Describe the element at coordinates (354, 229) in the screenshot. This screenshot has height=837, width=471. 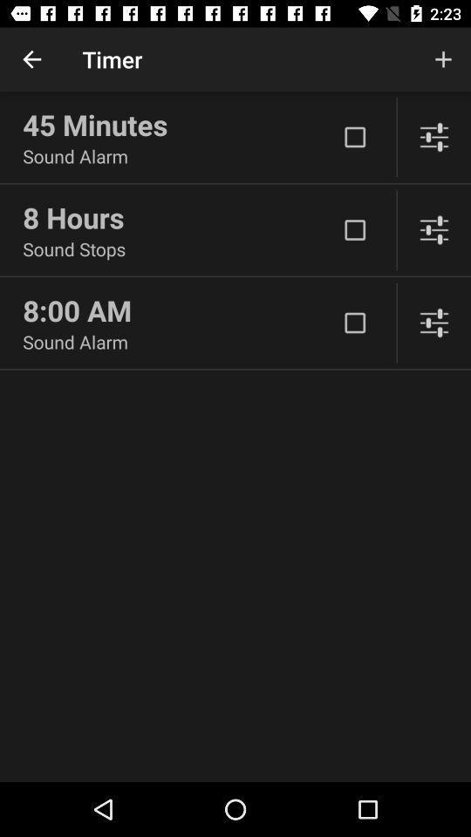
I see `allows you to turn alarm clock on` at that location.